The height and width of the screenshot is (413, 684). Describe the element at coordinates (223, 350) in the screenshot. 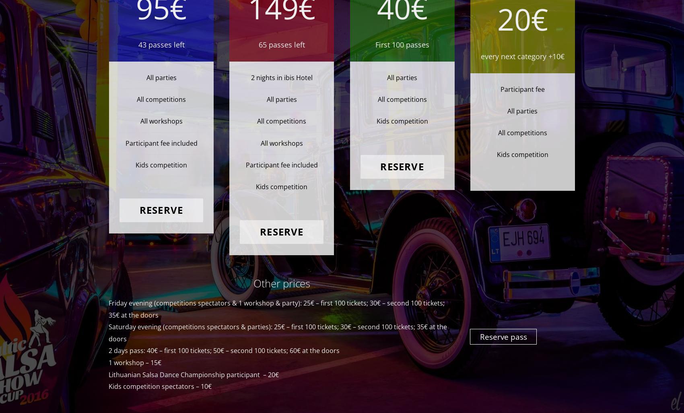

I see `'2 days pass: 40€ – first 100 tickets; 50€ – second 100 tickets; 60€ at the doors'` at that location.